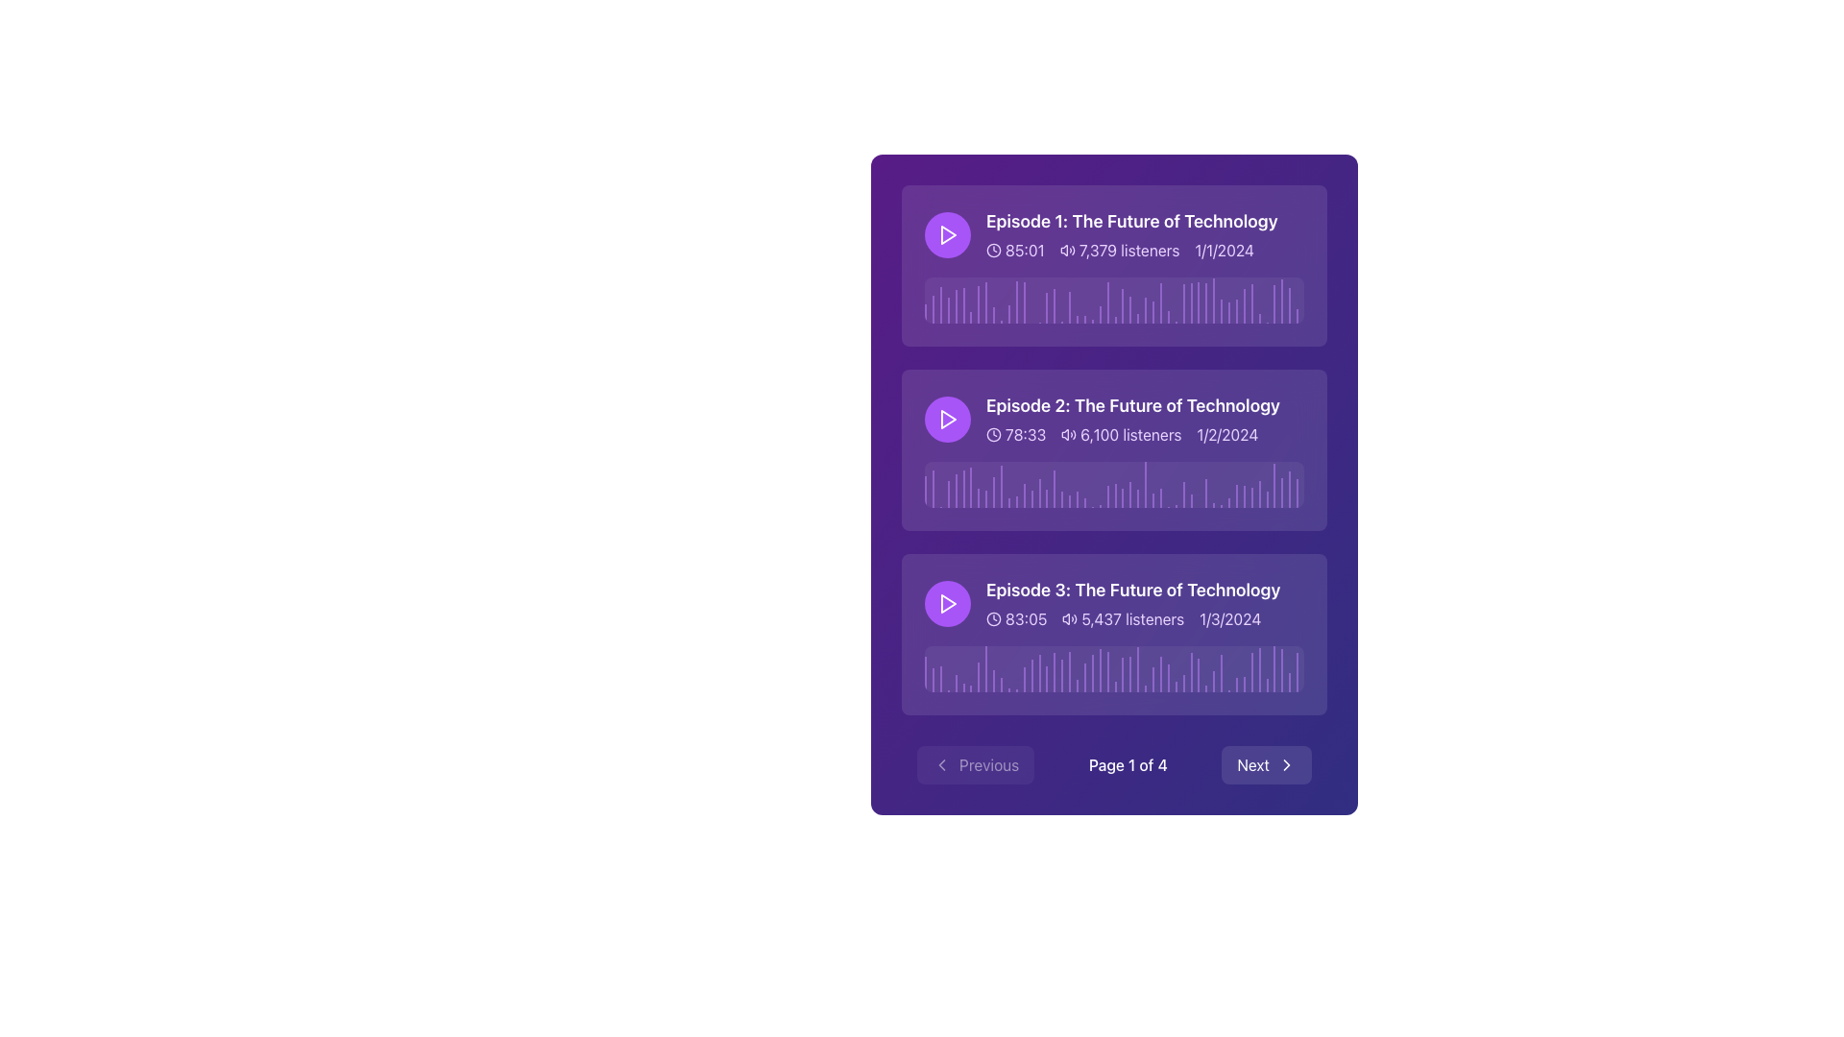 The width and height of the screenshot is (1844, 1037). I want to click on the purple, semi-transparent vertical progress indicator located in the second row of the episode cards to interact with it, so click(1146, 309).